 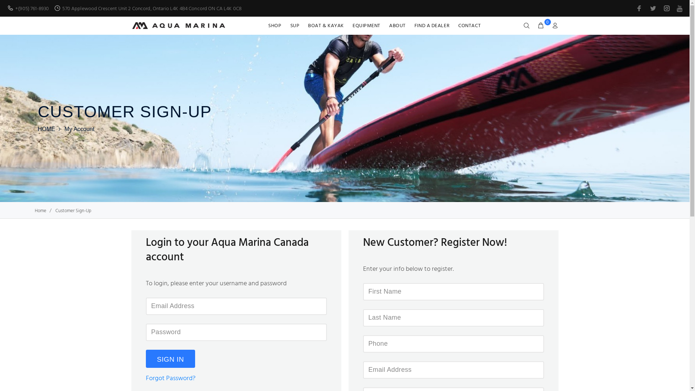 I want to click on 'ABOUT', so click(x=397, y=25).